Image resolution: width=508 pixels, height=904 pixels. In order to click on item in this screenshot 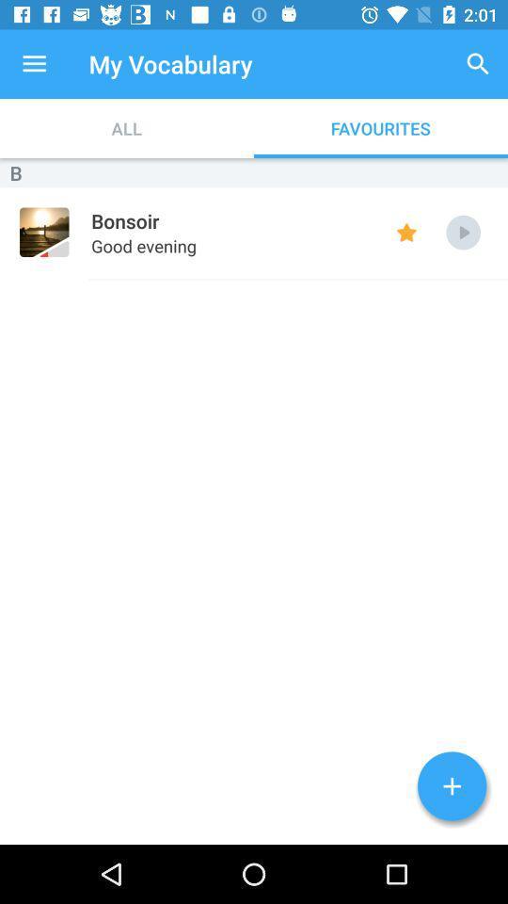, I will do `click(451, 786)`.